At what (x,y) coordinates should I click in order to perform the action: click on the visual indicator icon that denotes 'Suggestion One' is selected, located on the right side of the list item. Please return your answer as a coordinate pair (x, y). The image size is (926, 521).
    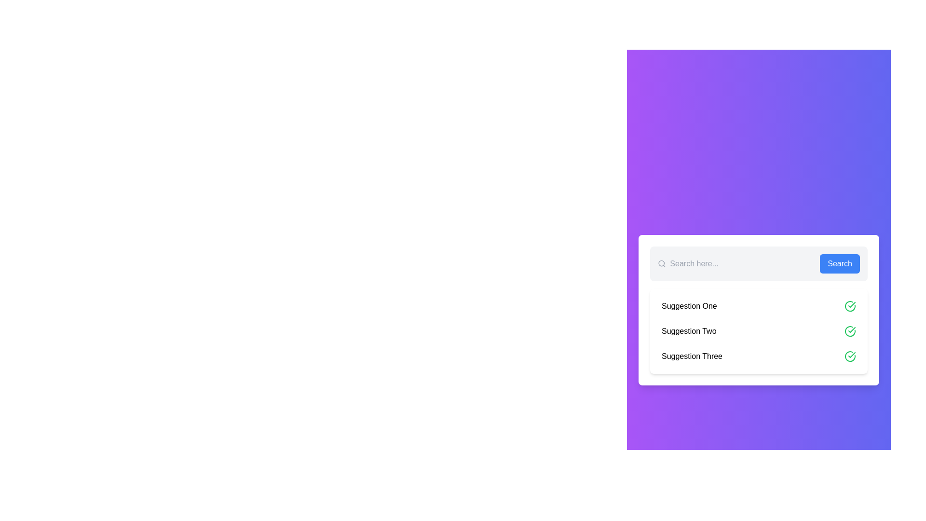
    Looking at the image, I should click on (850, 306).